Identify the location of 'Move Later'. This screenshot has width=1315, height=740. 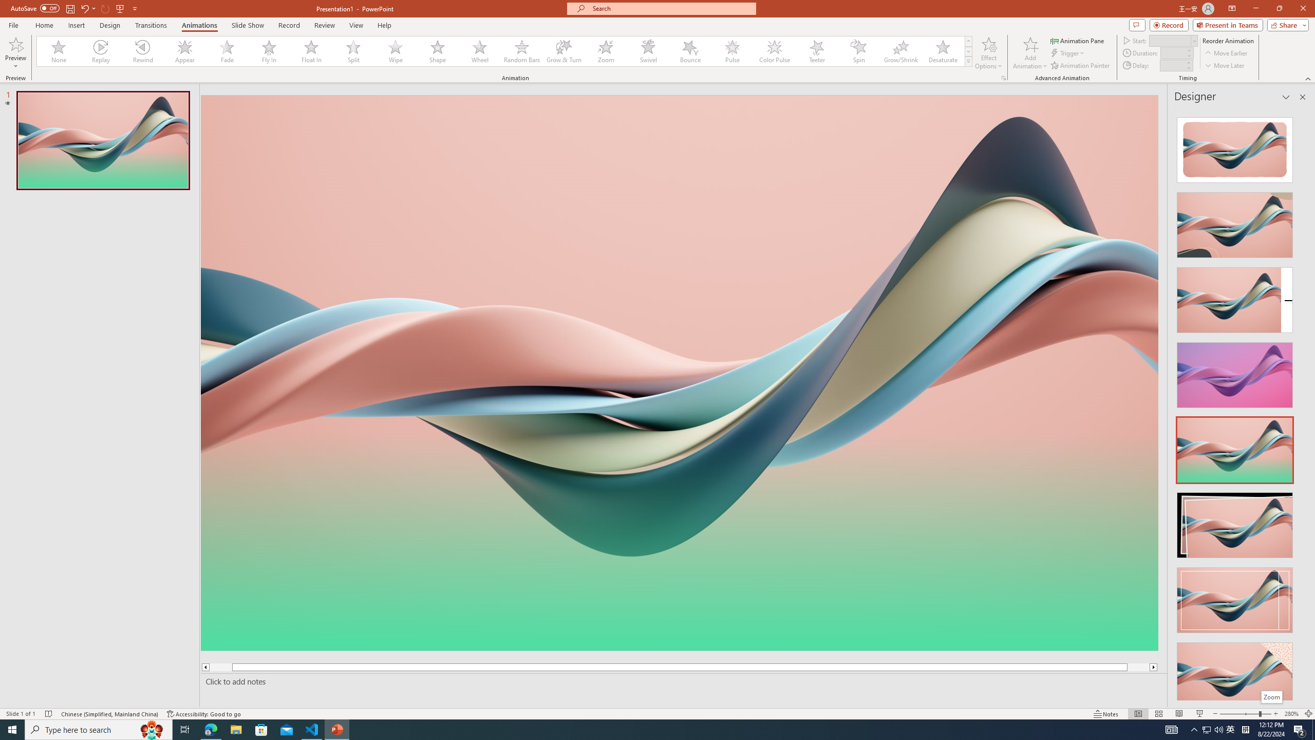
(1225, 65).